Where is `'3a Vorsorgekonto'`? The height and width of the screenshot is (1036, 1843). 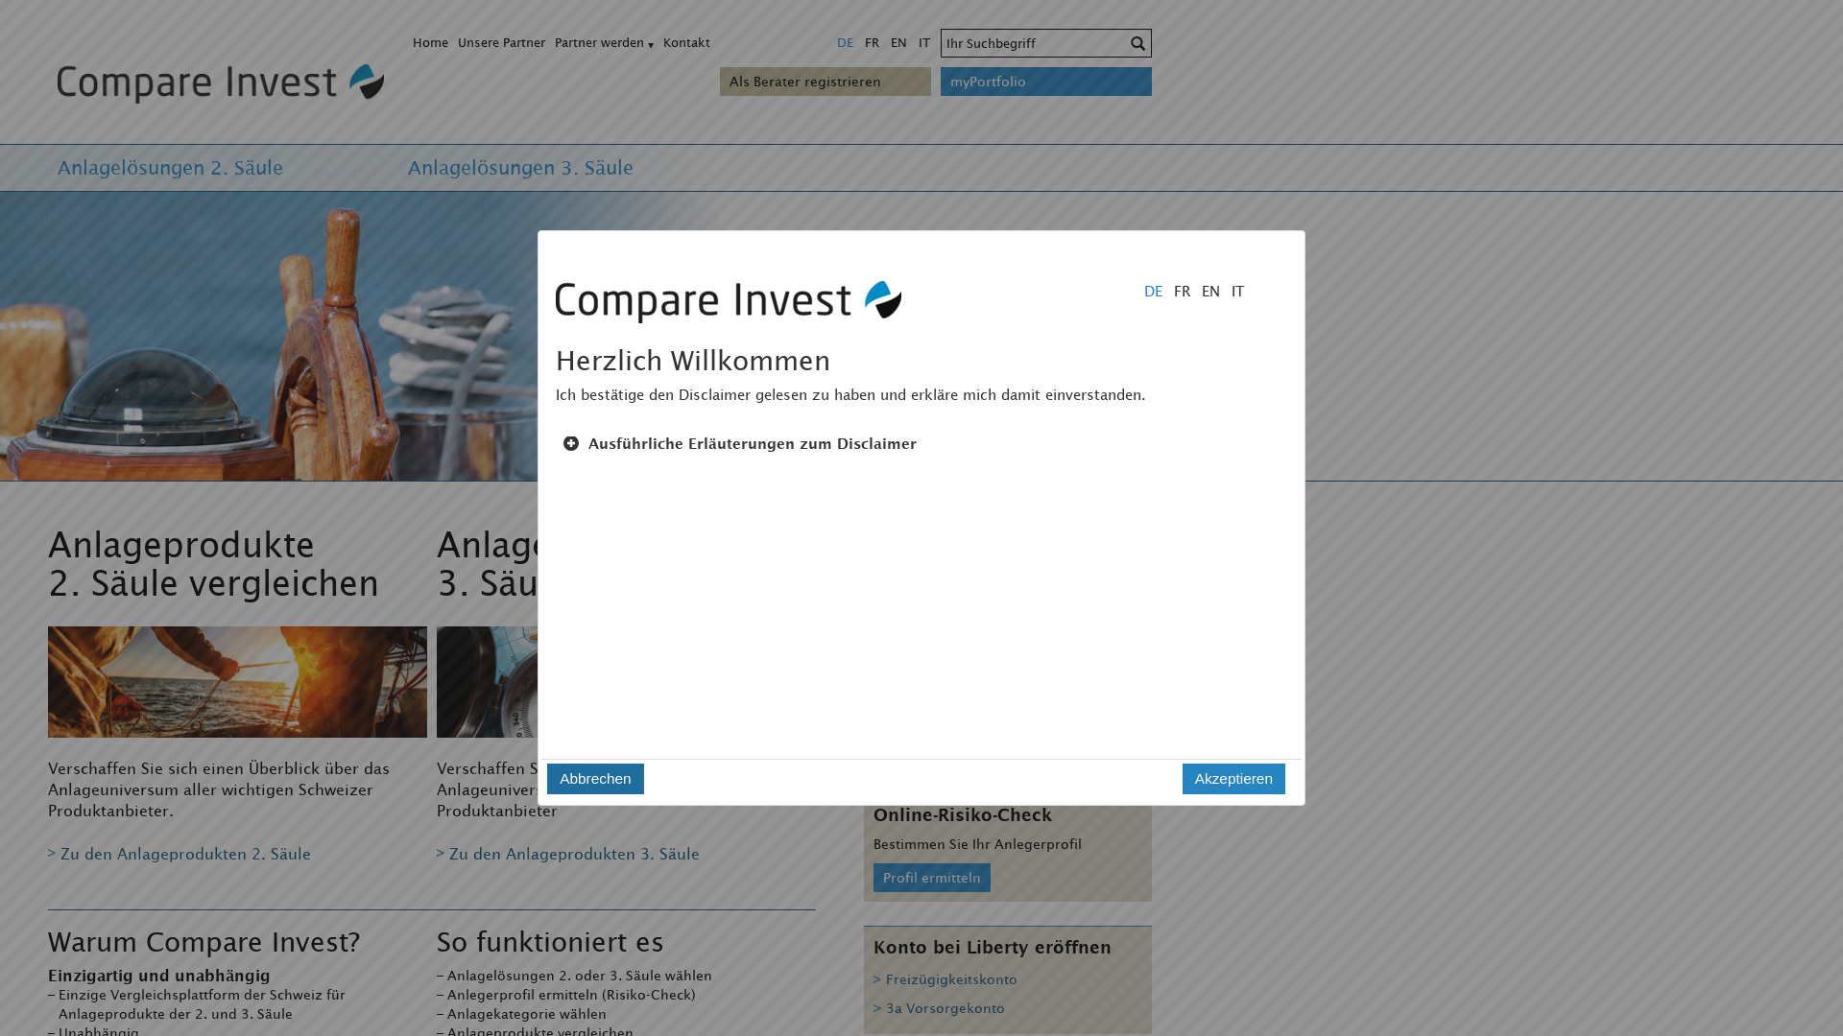 '3a Vorsorgekonto' is located at coordinates (939, 1010).